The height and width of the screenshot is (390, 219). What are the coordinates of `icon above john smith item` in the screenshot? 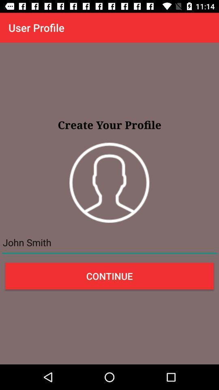 It's located at (109, 182).